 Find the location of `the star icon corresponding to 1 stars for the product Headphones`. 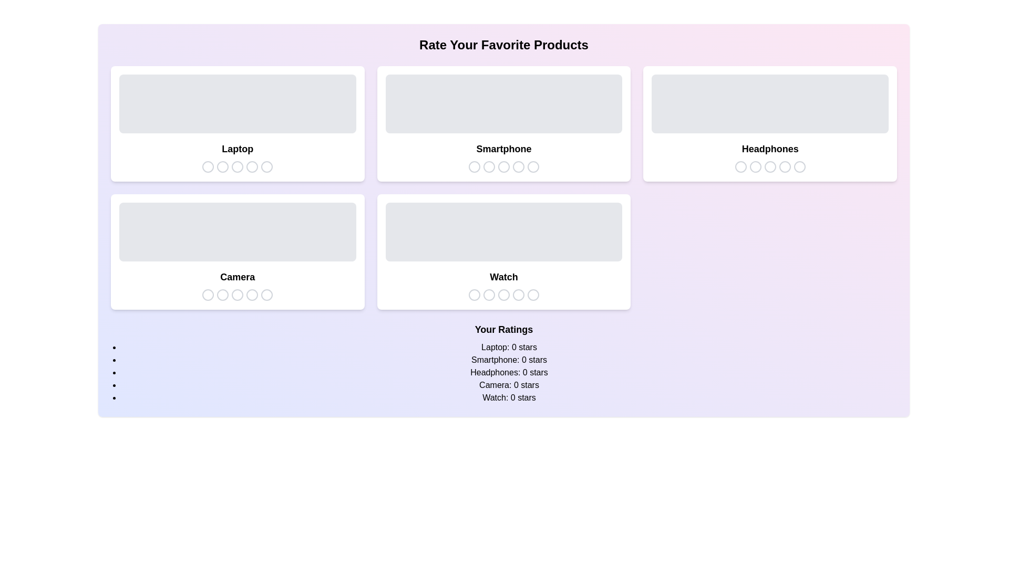

the star icon corresponding to 1 stars for the product Headphones is located at coordinates (740, 166).